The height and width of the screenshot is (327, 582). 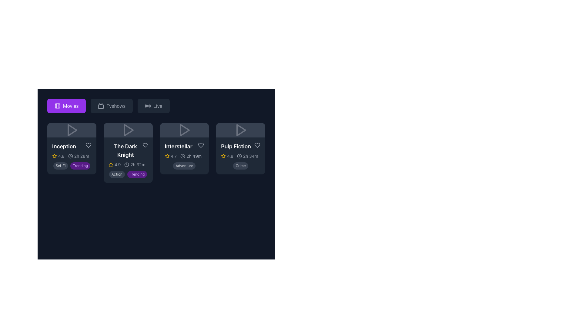 I want to click on the 'Live' icon located in the button group at the top-right corner of the interface, adjacent to the 'Tvshows' button, so click(x=148, y=106).